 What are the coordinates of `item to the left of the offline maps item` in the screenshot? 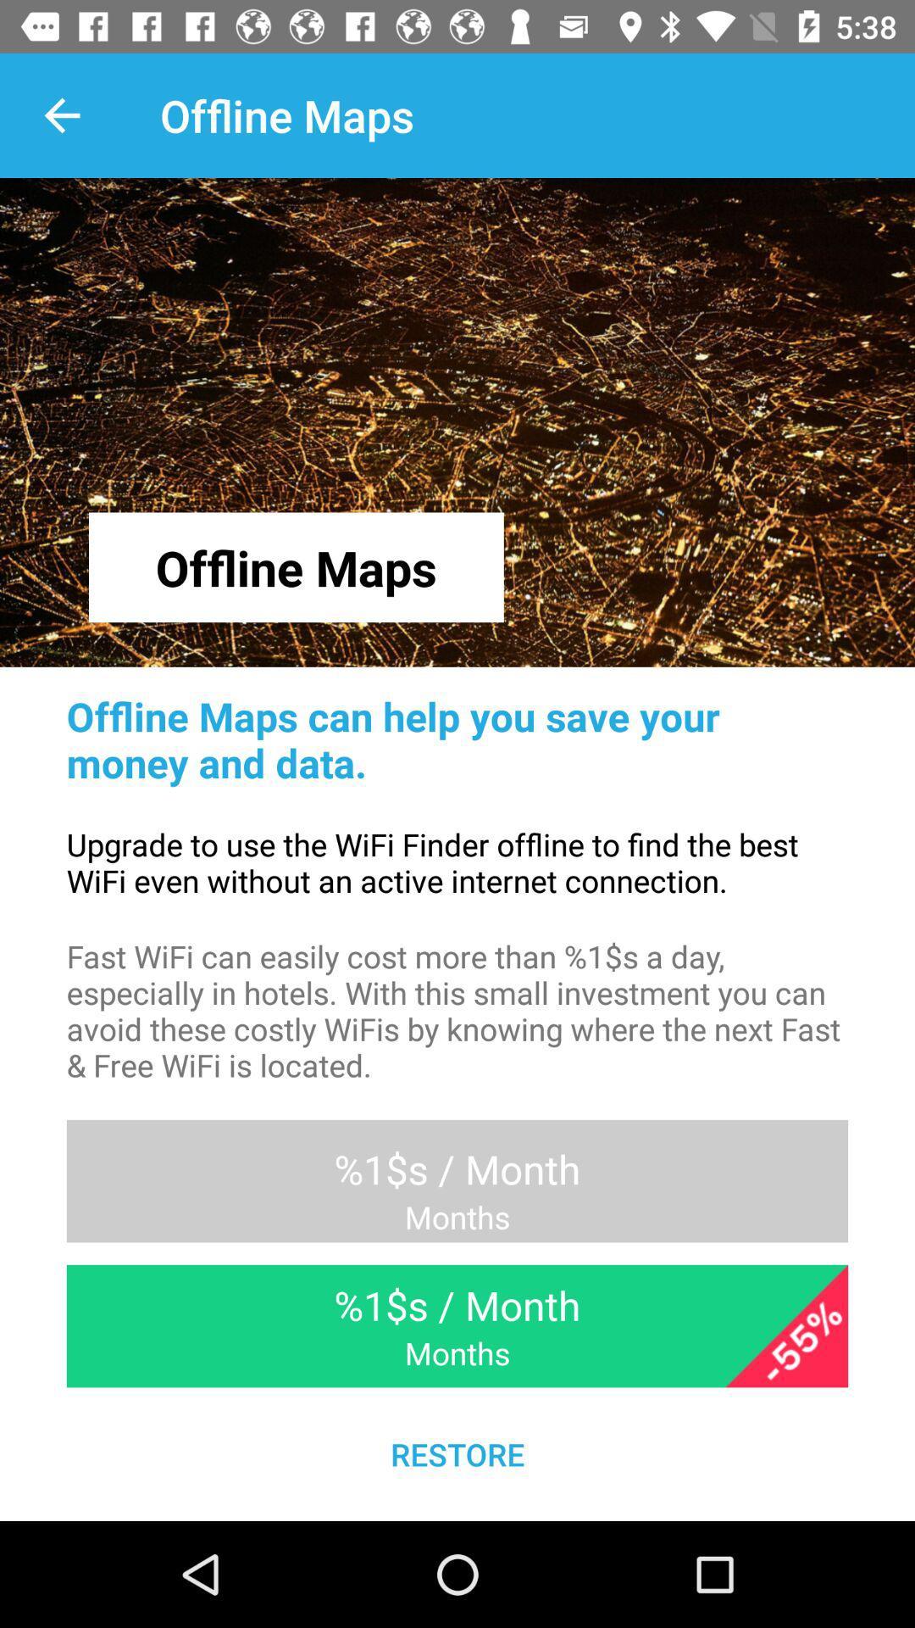 It's located at (61, 114).